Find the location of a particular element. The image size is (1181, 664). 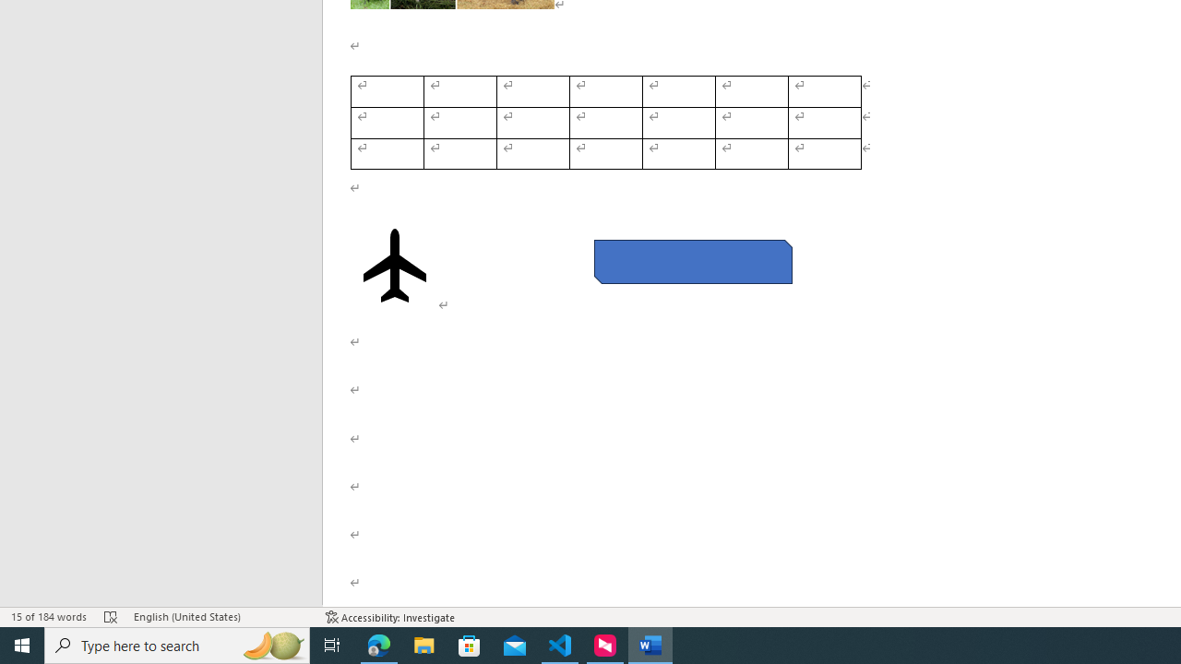

'Spelling and Grammar Check Errors' is located at coordinates (110, 617).